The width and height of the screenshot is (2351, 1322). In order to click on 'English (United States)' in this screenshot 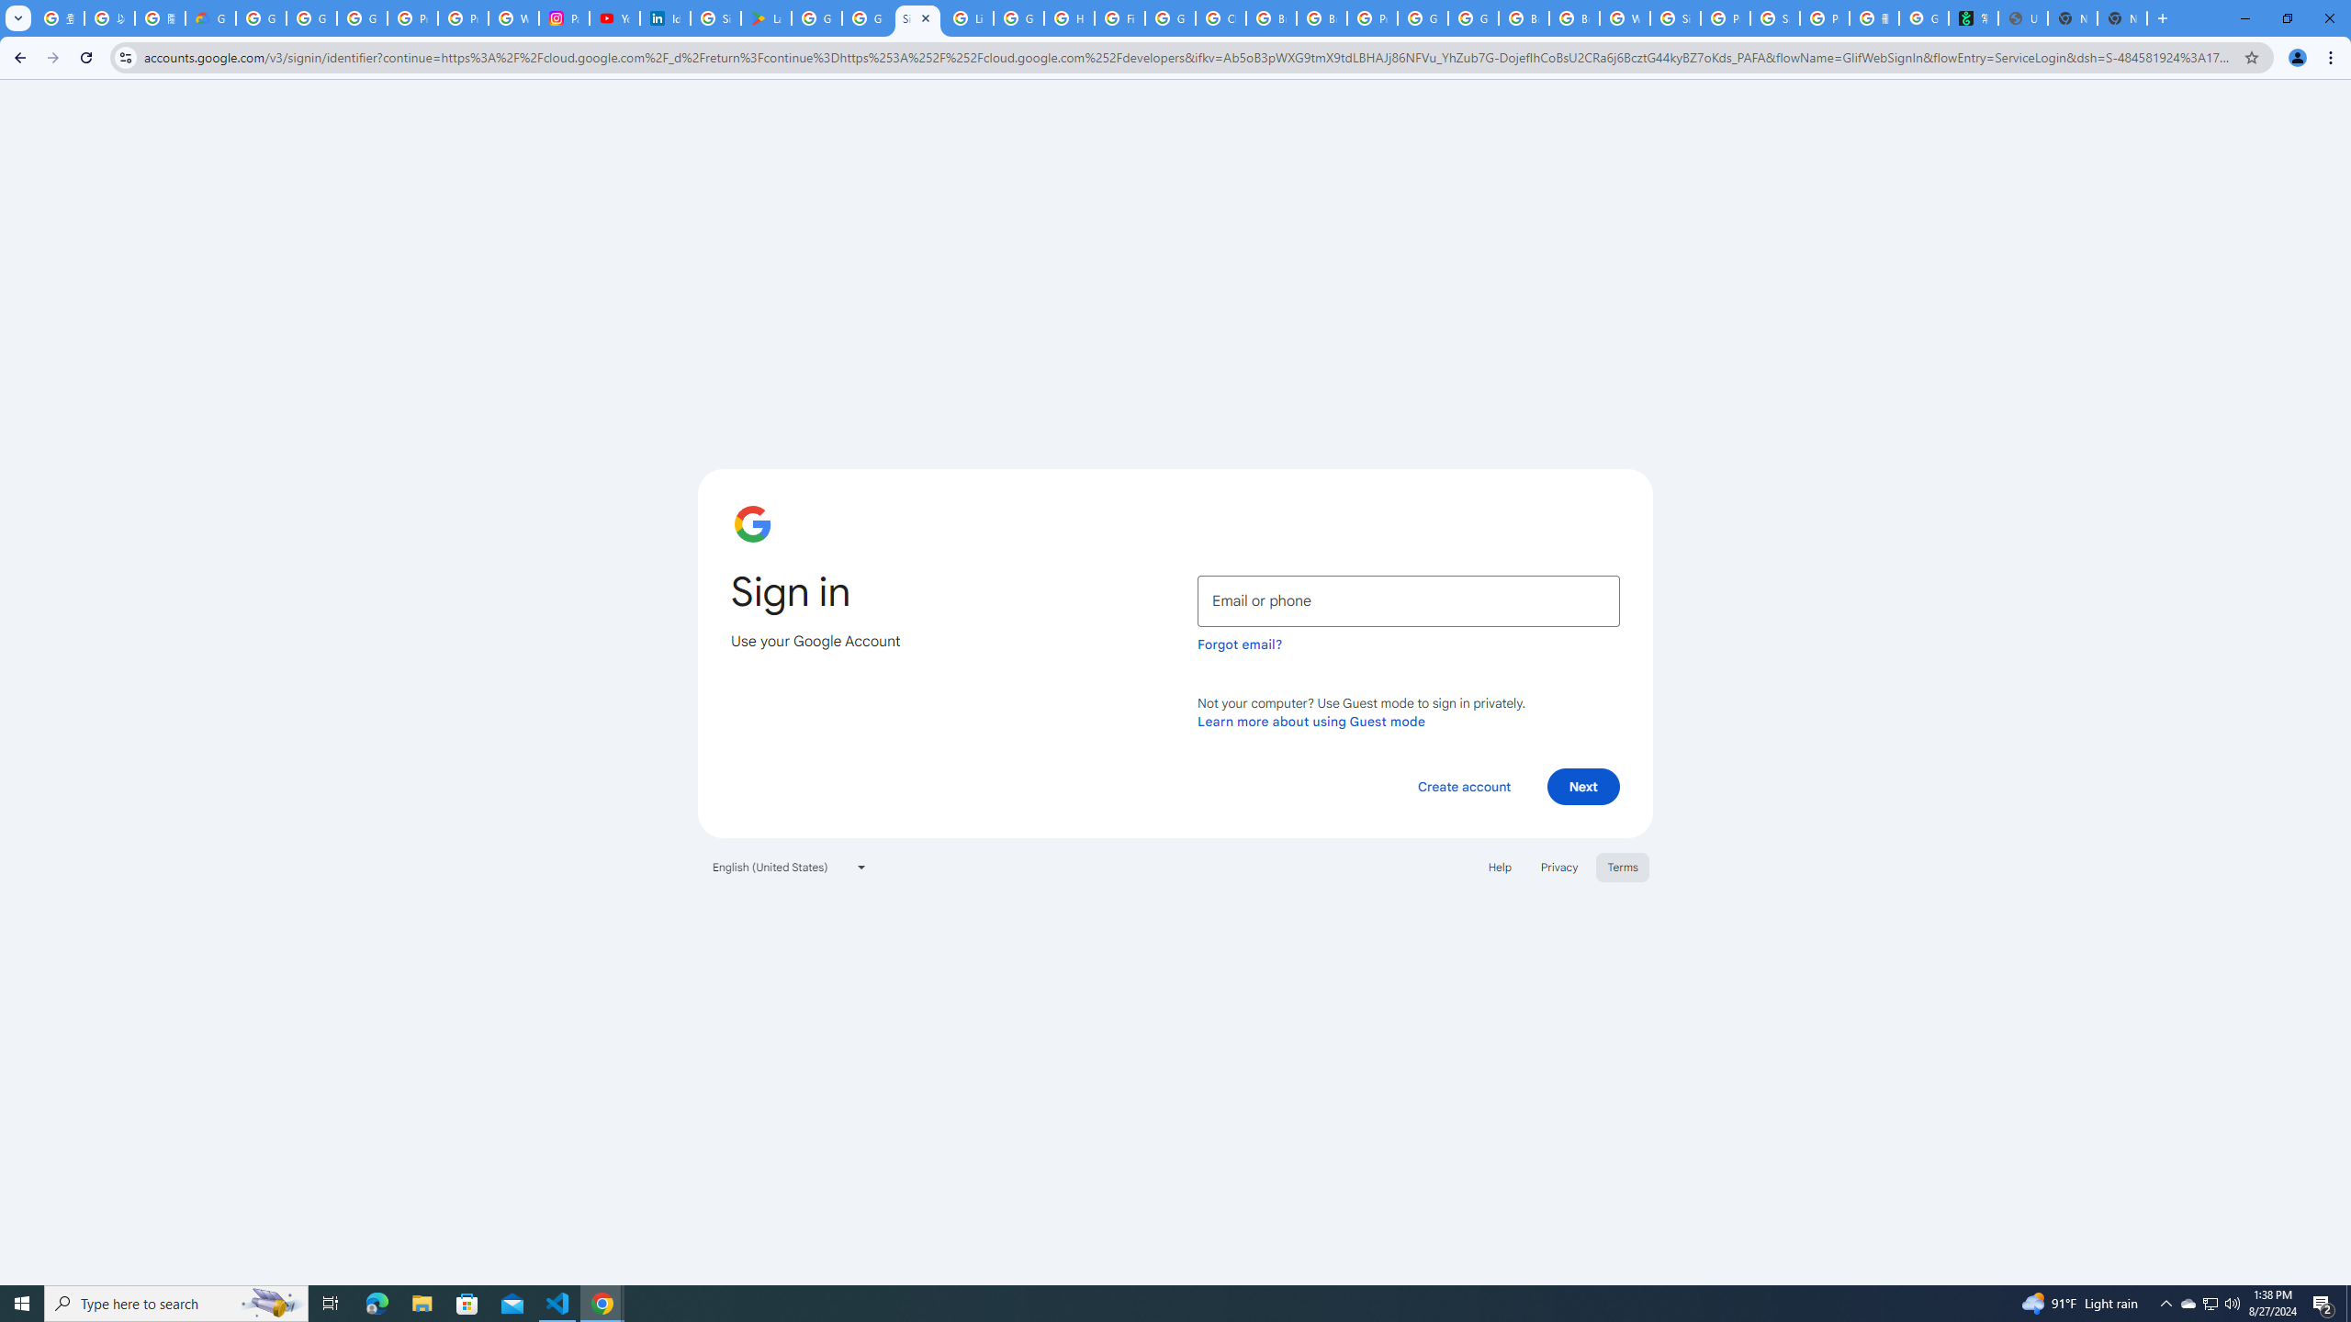, I will do `click(790, 865)`.